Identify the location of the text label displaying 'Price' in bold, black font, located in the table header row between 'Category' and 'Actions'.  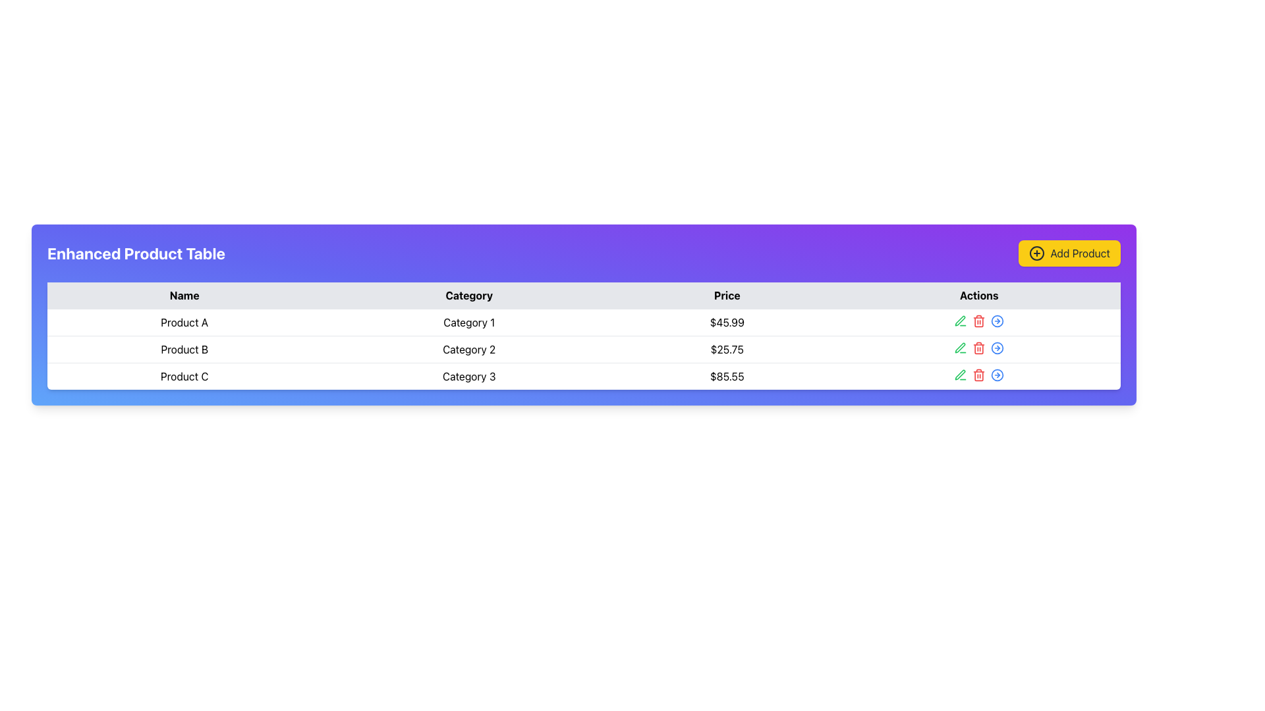
(726, 295).